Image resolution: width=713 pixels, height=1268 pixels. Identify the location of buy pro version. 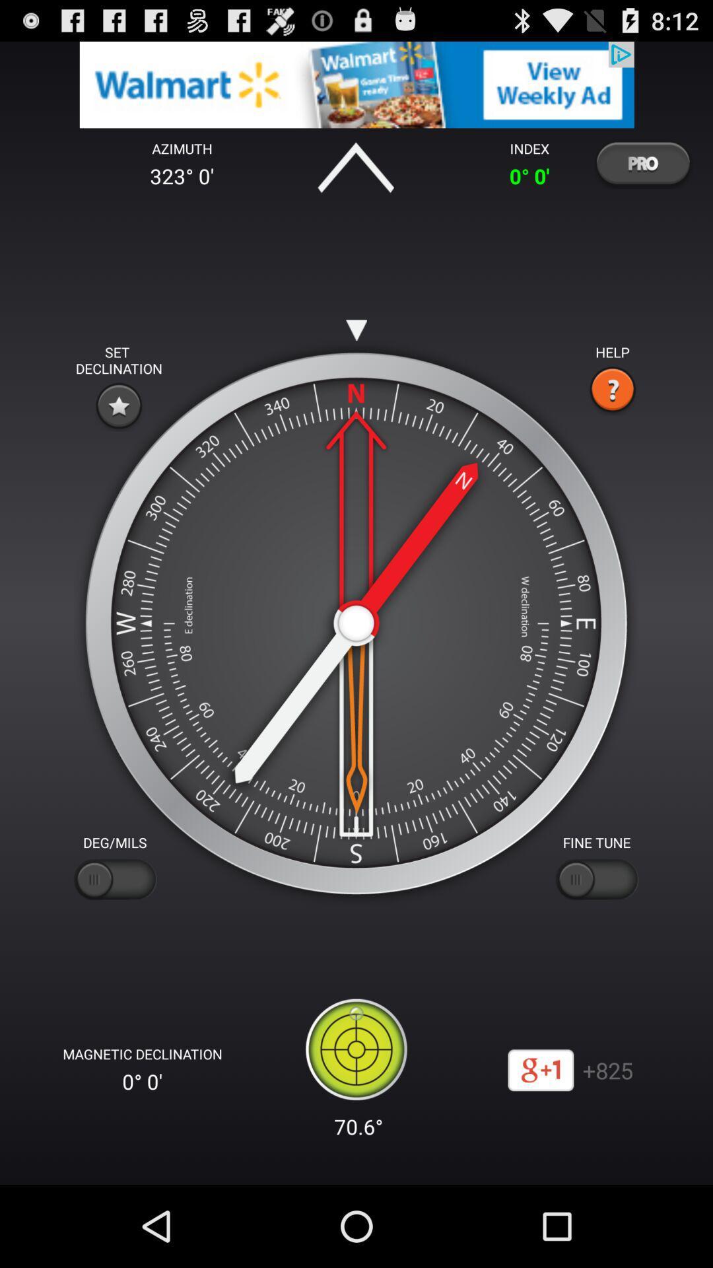
(642, 162).